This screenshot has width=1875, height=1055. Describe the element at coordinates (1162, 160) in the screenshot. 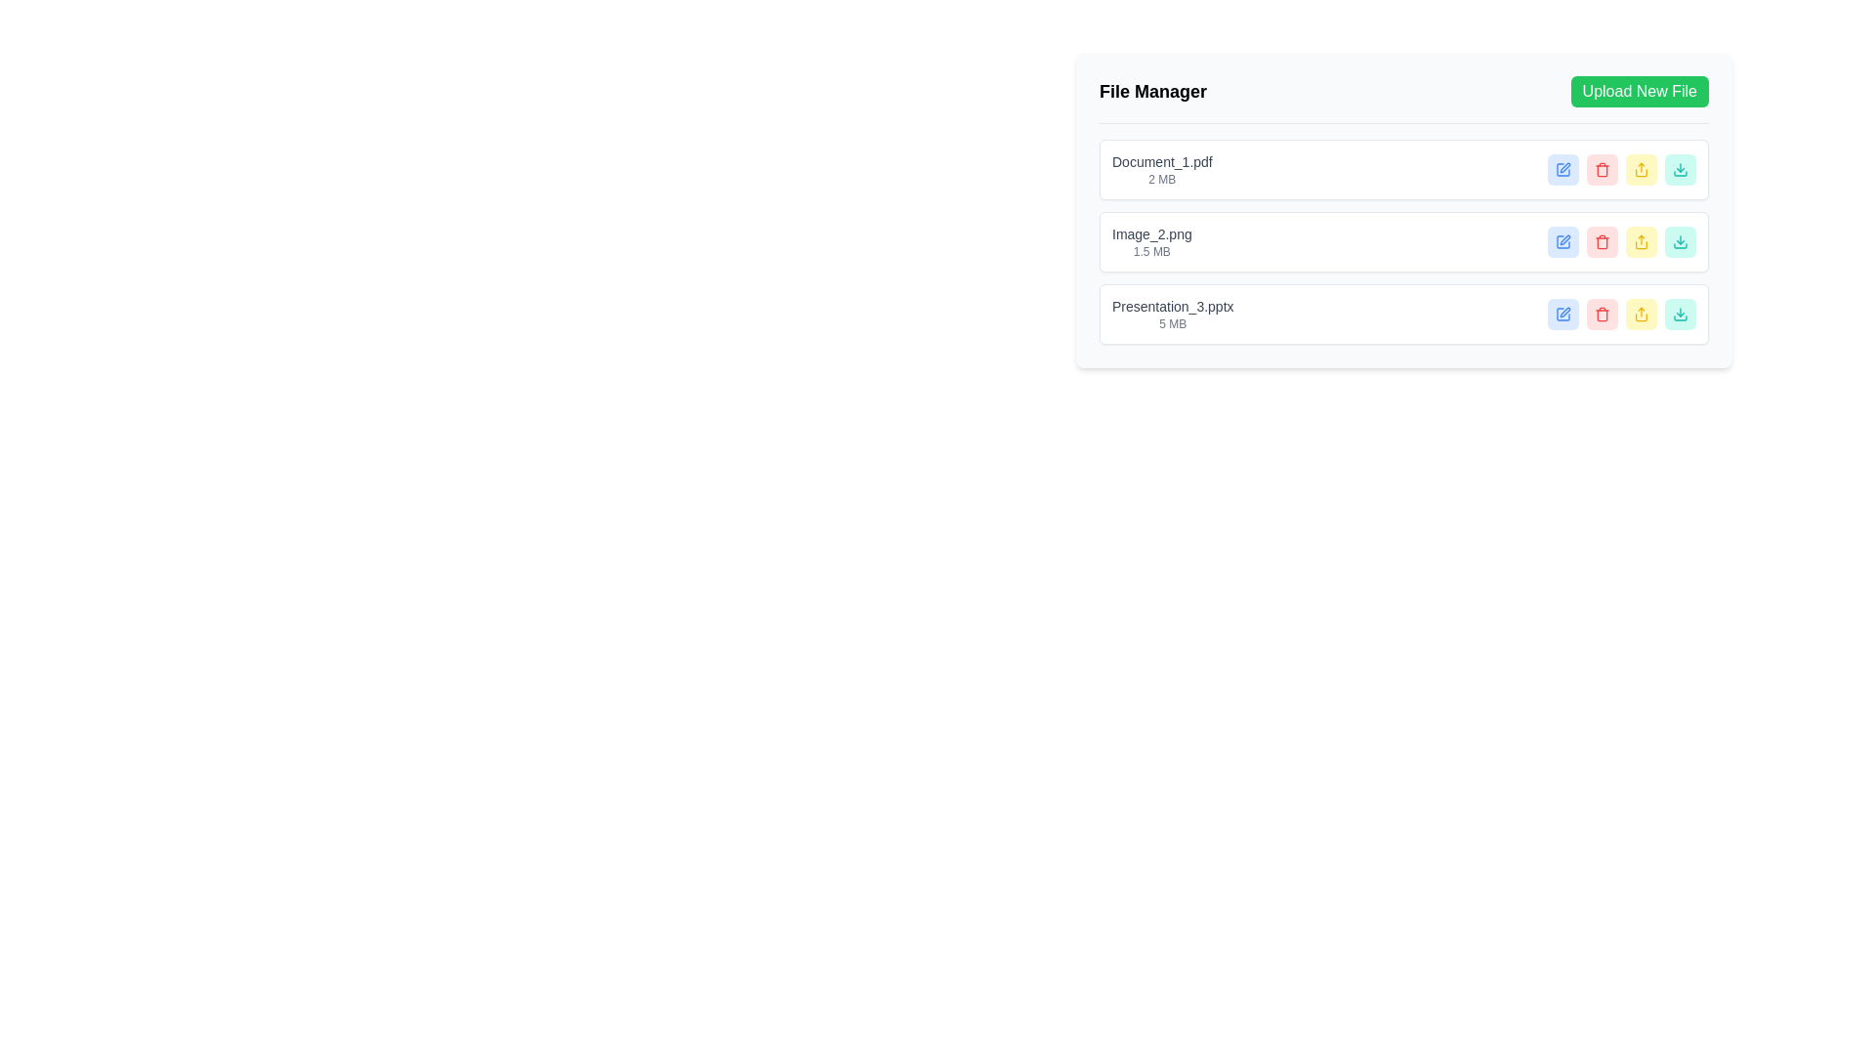

I see `text displayed in the Text Label that shows the file name 'Document_1.pdf', located at the top-left corner of the file management interface` at that location.